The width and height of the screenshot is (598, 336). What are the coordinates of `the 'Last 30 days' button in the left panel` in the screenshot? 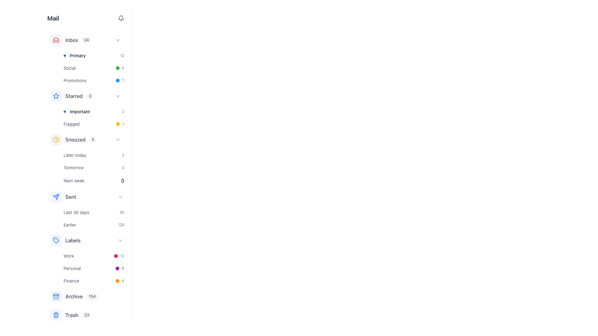 It's located at (93, 212).